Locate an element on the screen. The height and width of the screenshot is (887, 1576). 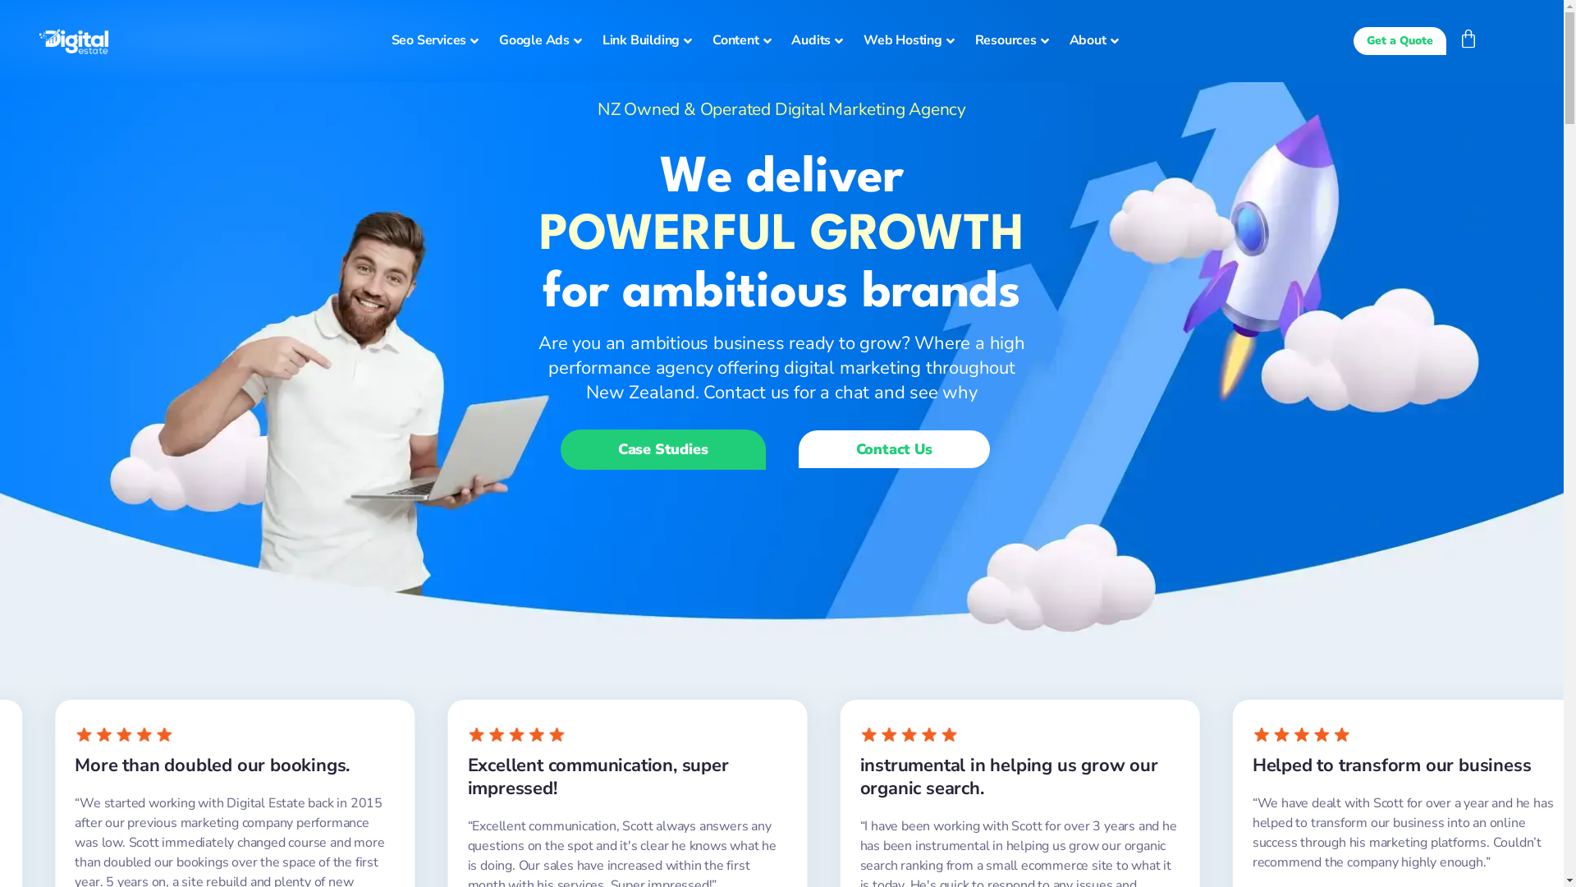
'Audits' is located at coordinates (819, 40).